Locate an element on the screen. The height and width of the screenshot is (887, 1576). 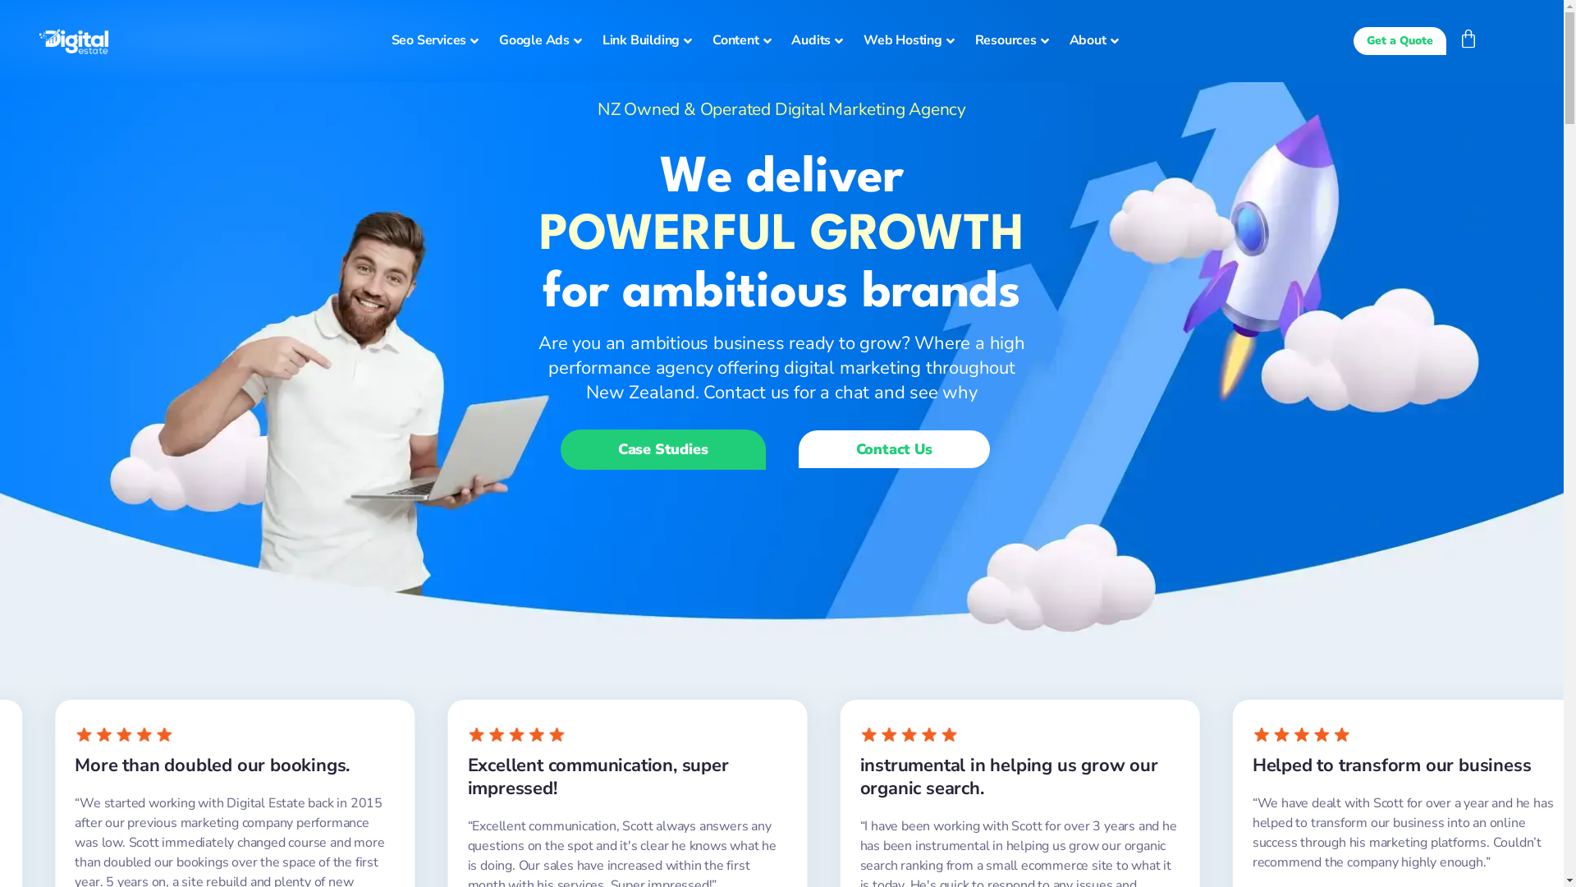
'Audits' is located at coordinates (819, 40).